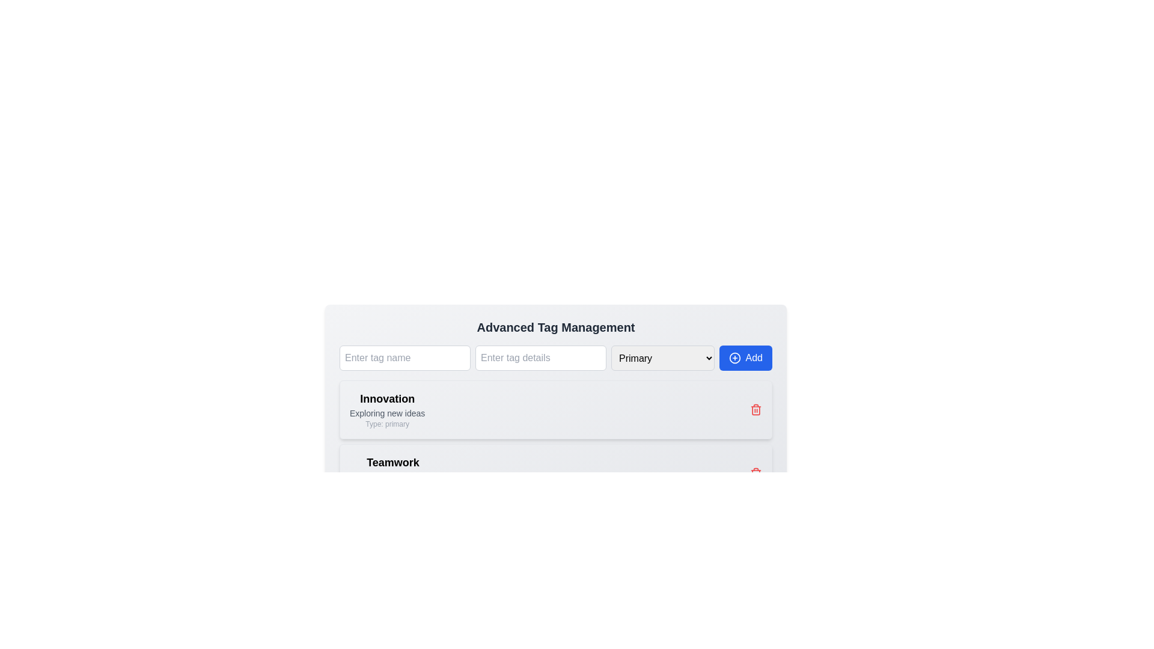 Image resolution: width=1154 pixels, height=649 pixels. I want to click on the leftmost text input field under 'Advanced Tag Management' to focus the input, so click(405, 358).